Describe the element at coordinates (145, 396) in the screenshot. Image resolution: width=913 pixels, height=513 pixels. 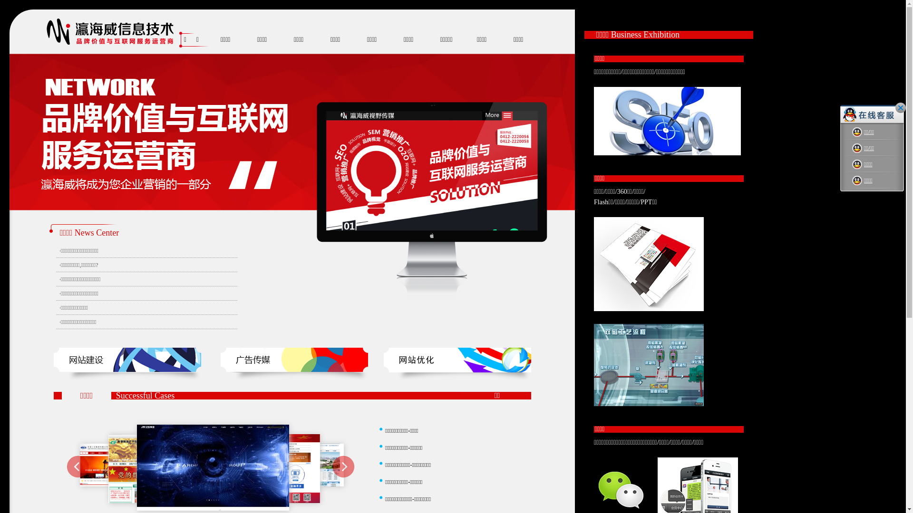
I see `'Successful Cases'` at that location.